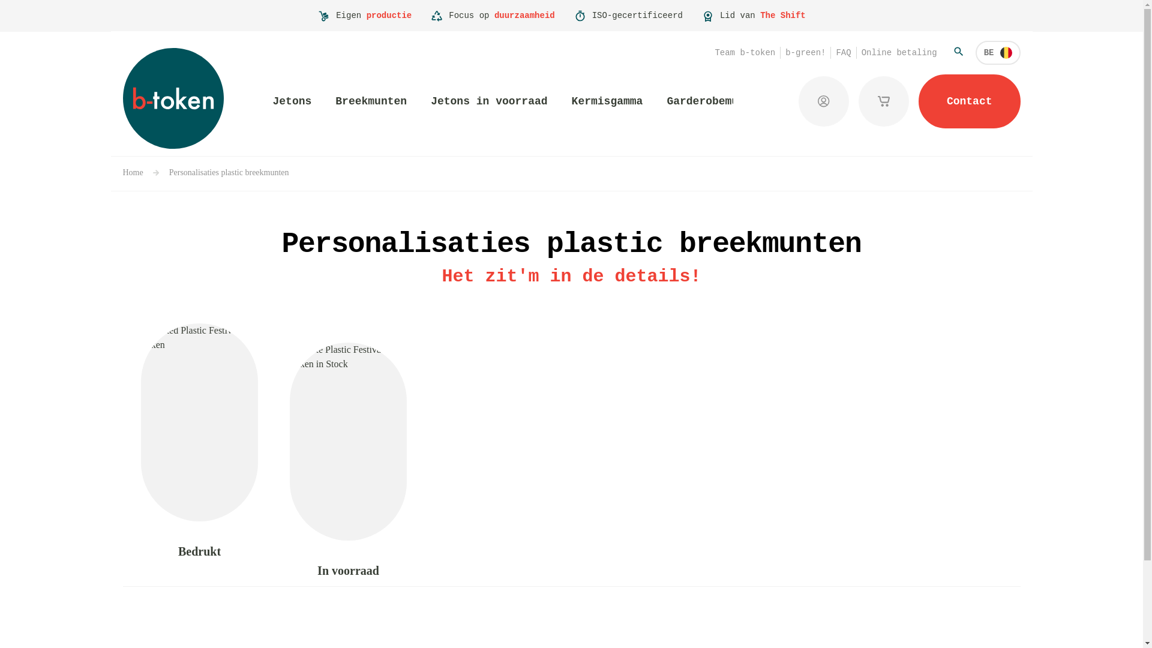  What do you see at coordinates (744, 52) in the screenshot?
I see `'Team b-token'` at bounding box center [744, 52].